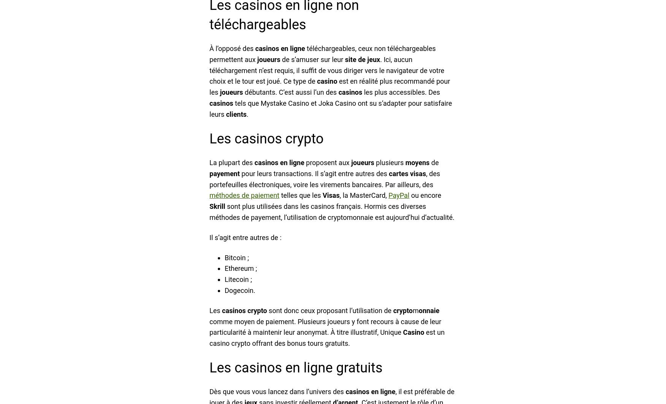 The image size is (666, 404). Describe the element at coordinates (327, 162) in the screenshot. I see `'proposent aux'` at that location.